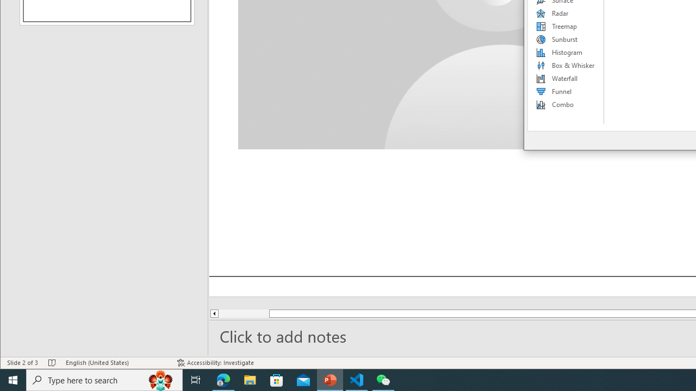 Image resolution: width=696 pixels, height=391 pixels. What do you see at coordinates (565, 104) in the screenshot?
I see `'Combo'` at bounding box center [565, 104].